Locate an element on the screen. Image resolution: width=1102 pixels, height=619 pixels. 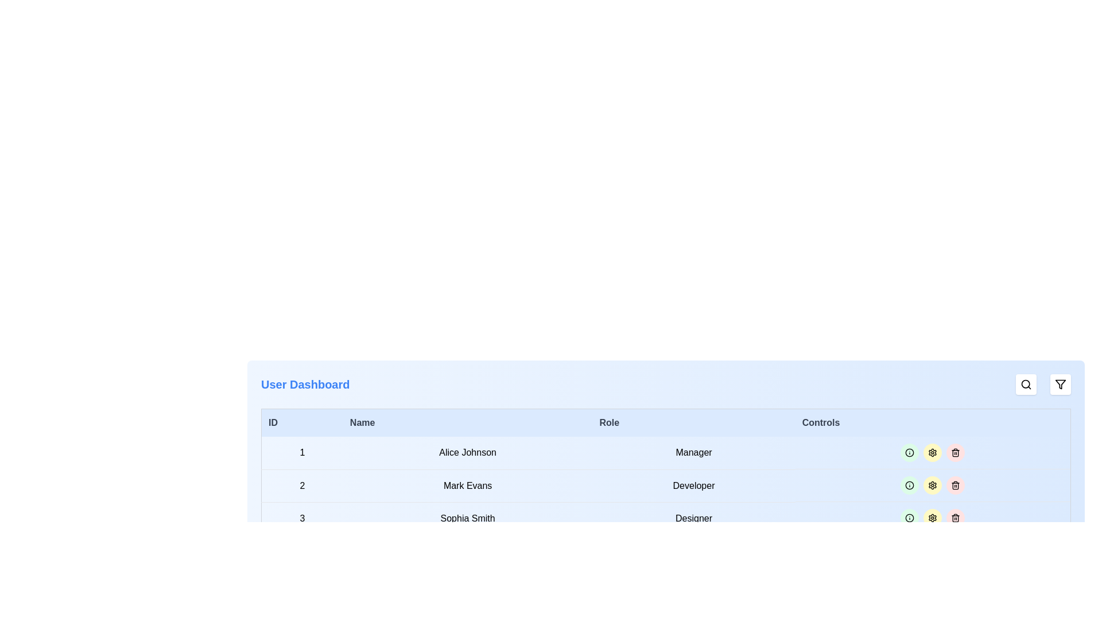
the gear-like icon with a black color and yellow circular background is located at coordinates (933, 485).